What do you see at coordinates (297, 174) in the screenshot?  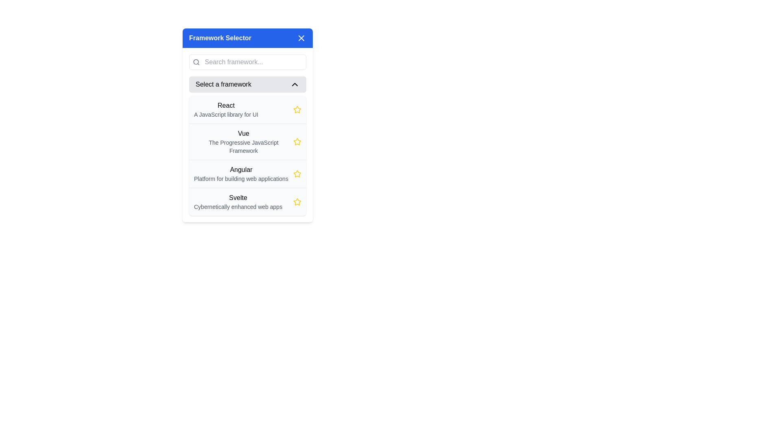 I see `the fourth star icon in the 'Framework Selector' list` at bounding box center [297, 174].